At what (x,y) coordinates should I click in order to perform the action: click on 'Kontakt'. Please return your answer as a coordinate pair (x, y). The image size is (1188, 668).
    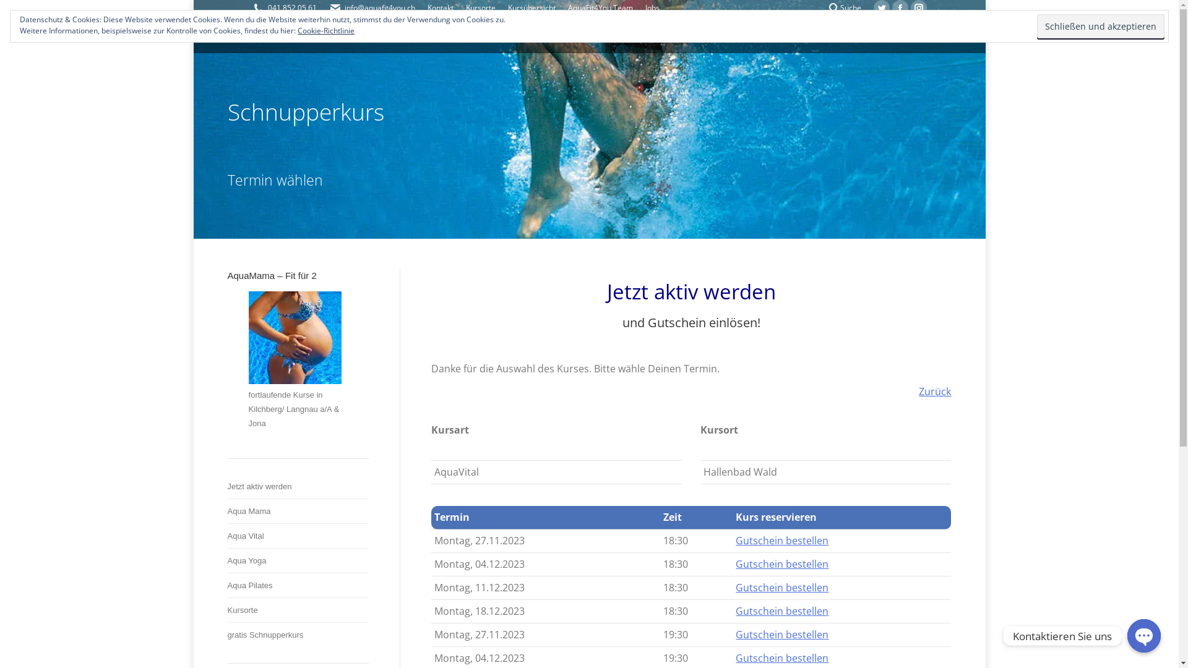
    Looking at the image, I should click on (439, 7).